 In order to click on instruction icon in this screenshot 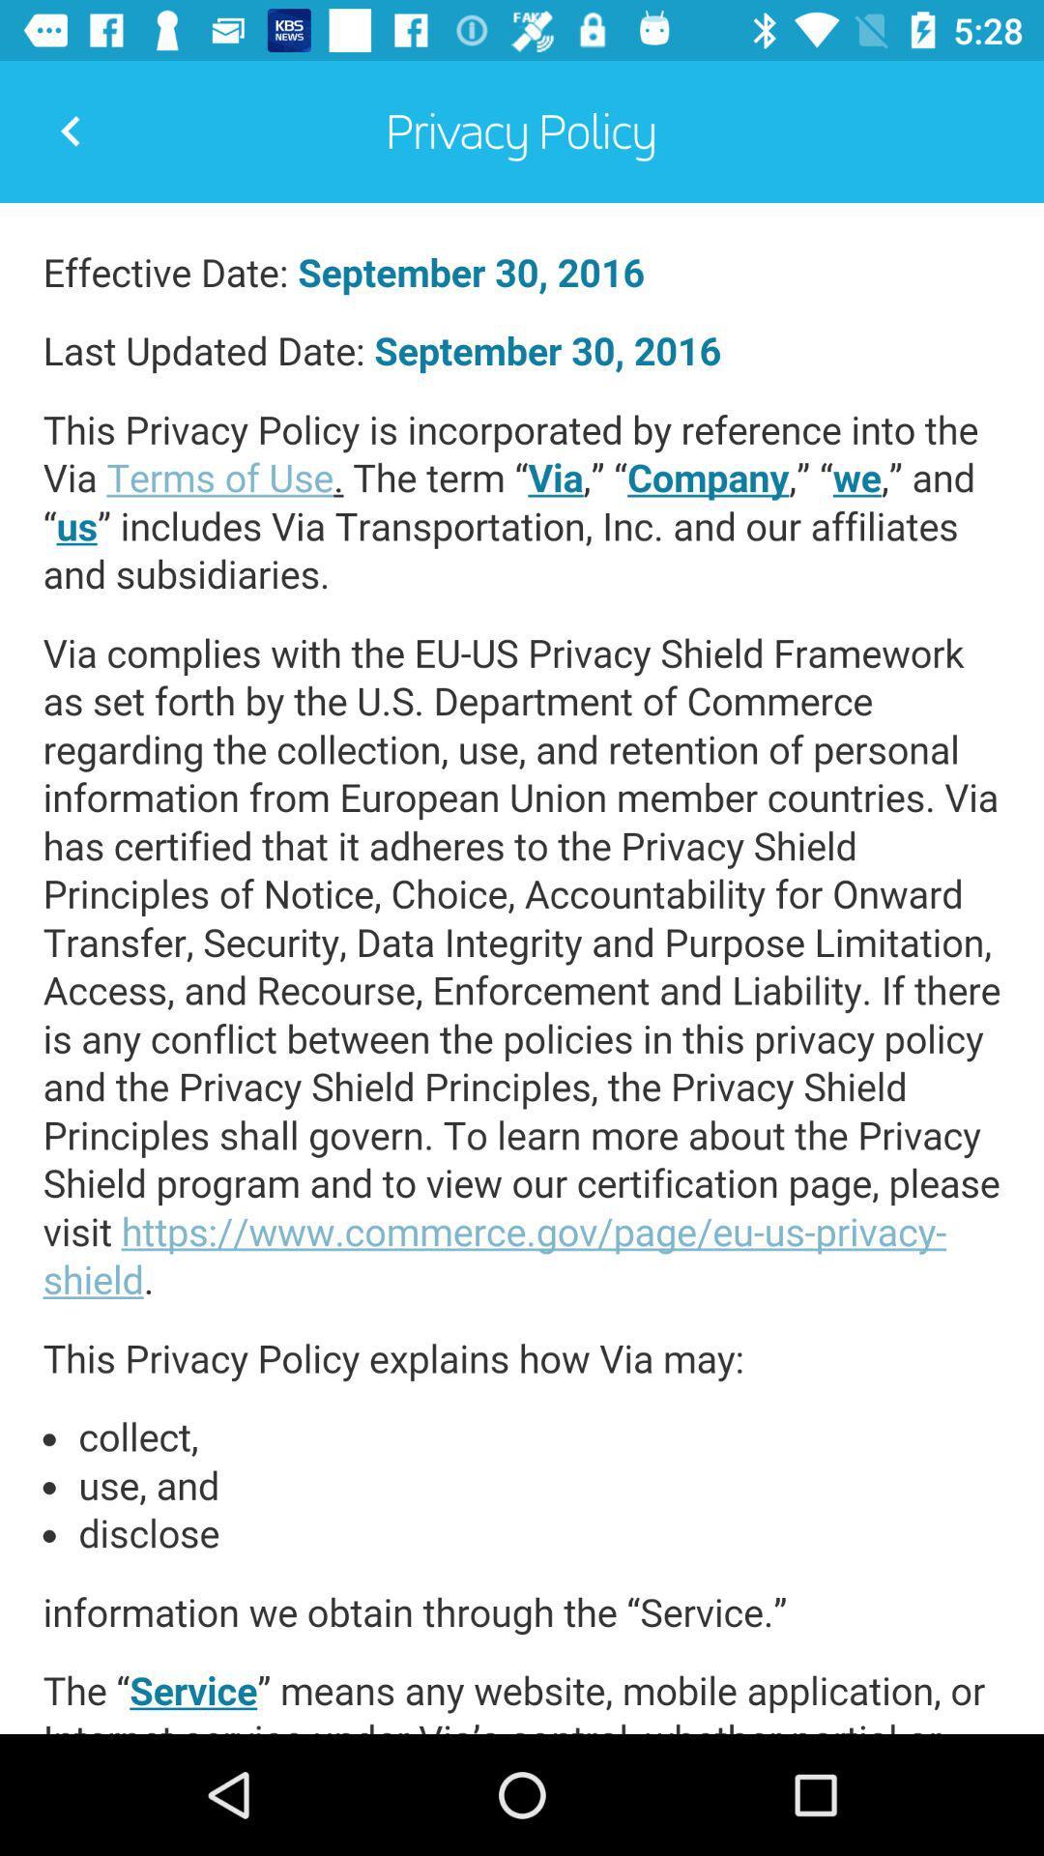, I will do `click(522, 969)`.